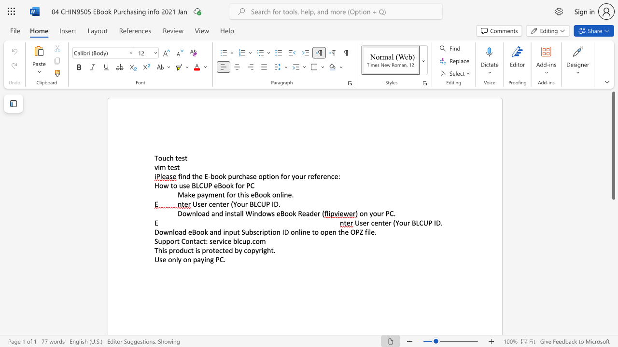 The image size is (618, 347). I want to click on the space between the continuous character "s" and "e" in the text, so click(253, 176).